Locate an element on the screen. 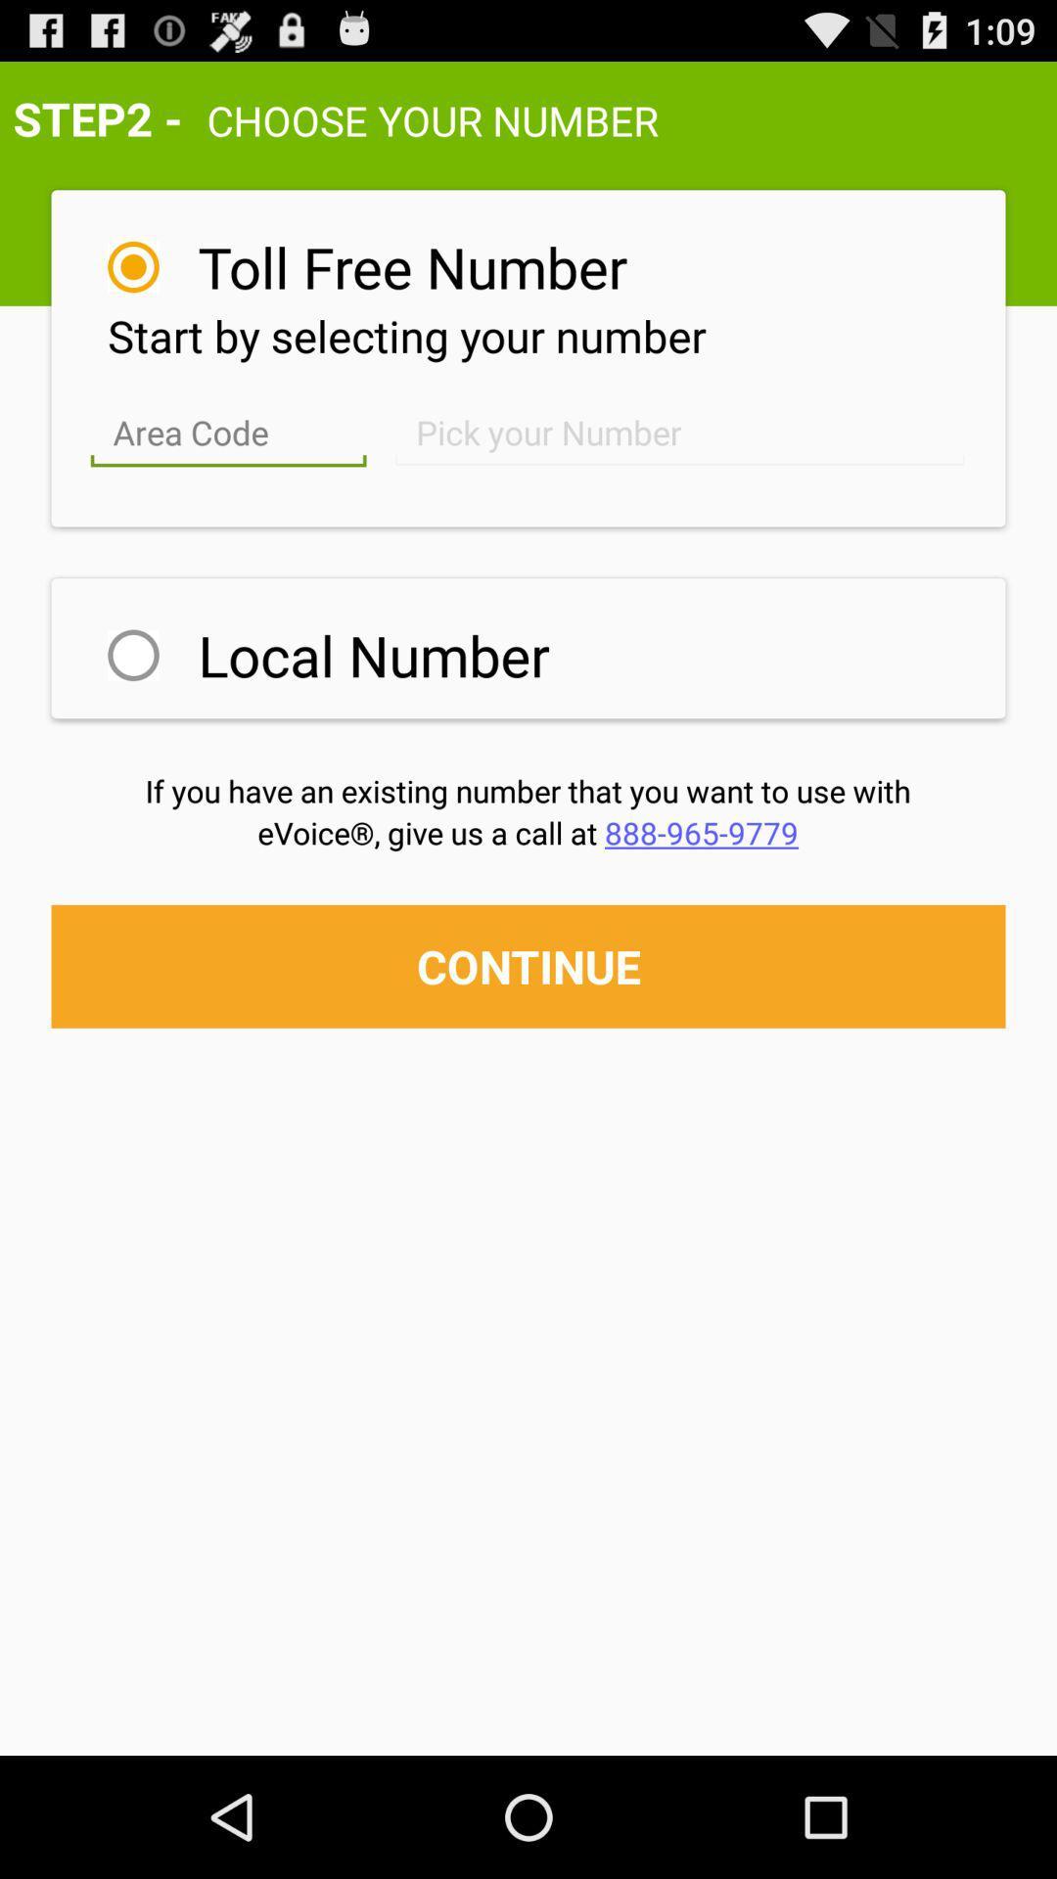 The height and width of the screenshot is (1879, 1057). icon to the left of the local number is located at coordinates (132, 655).